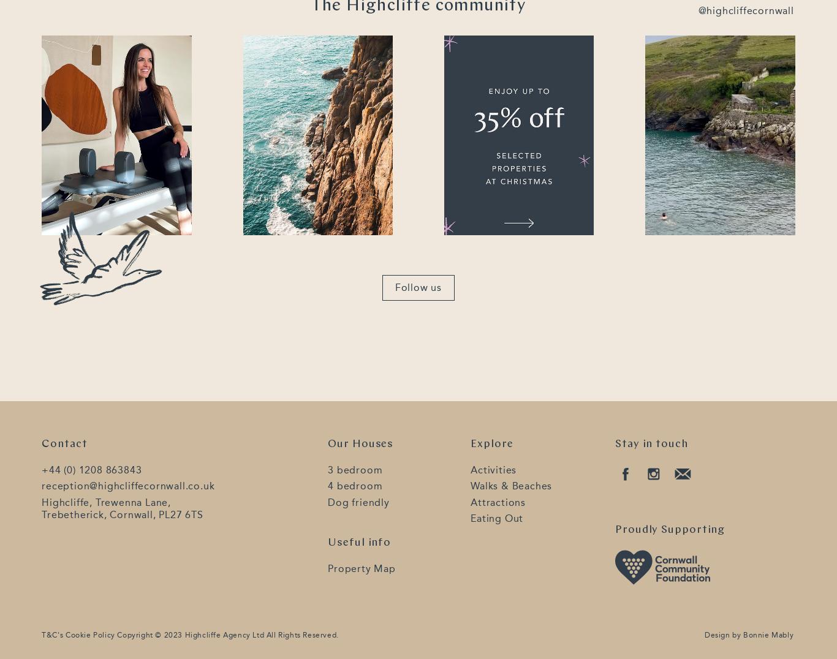 This screenshot has height=659, width=837. What do you see at coordinates (121, 513) in the screenshot?
I see `'Trebetherick, Cornwall, PL27 6TS'` at bounding box center [121, 513].